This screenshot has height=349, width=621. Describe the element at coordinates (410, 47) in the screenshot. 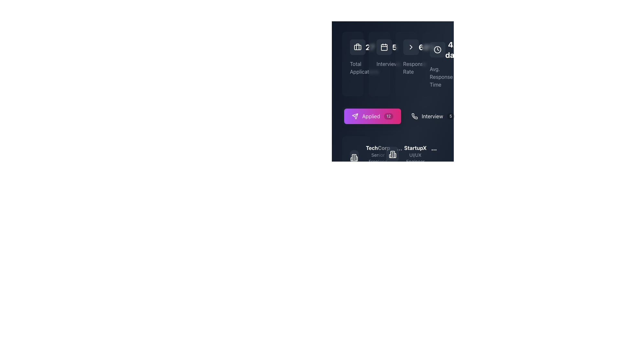

I see `the presence of the right arrow icon indicating forward navigation in the statistics group, specifically the third item labeled 'Response Rate'` at that location.